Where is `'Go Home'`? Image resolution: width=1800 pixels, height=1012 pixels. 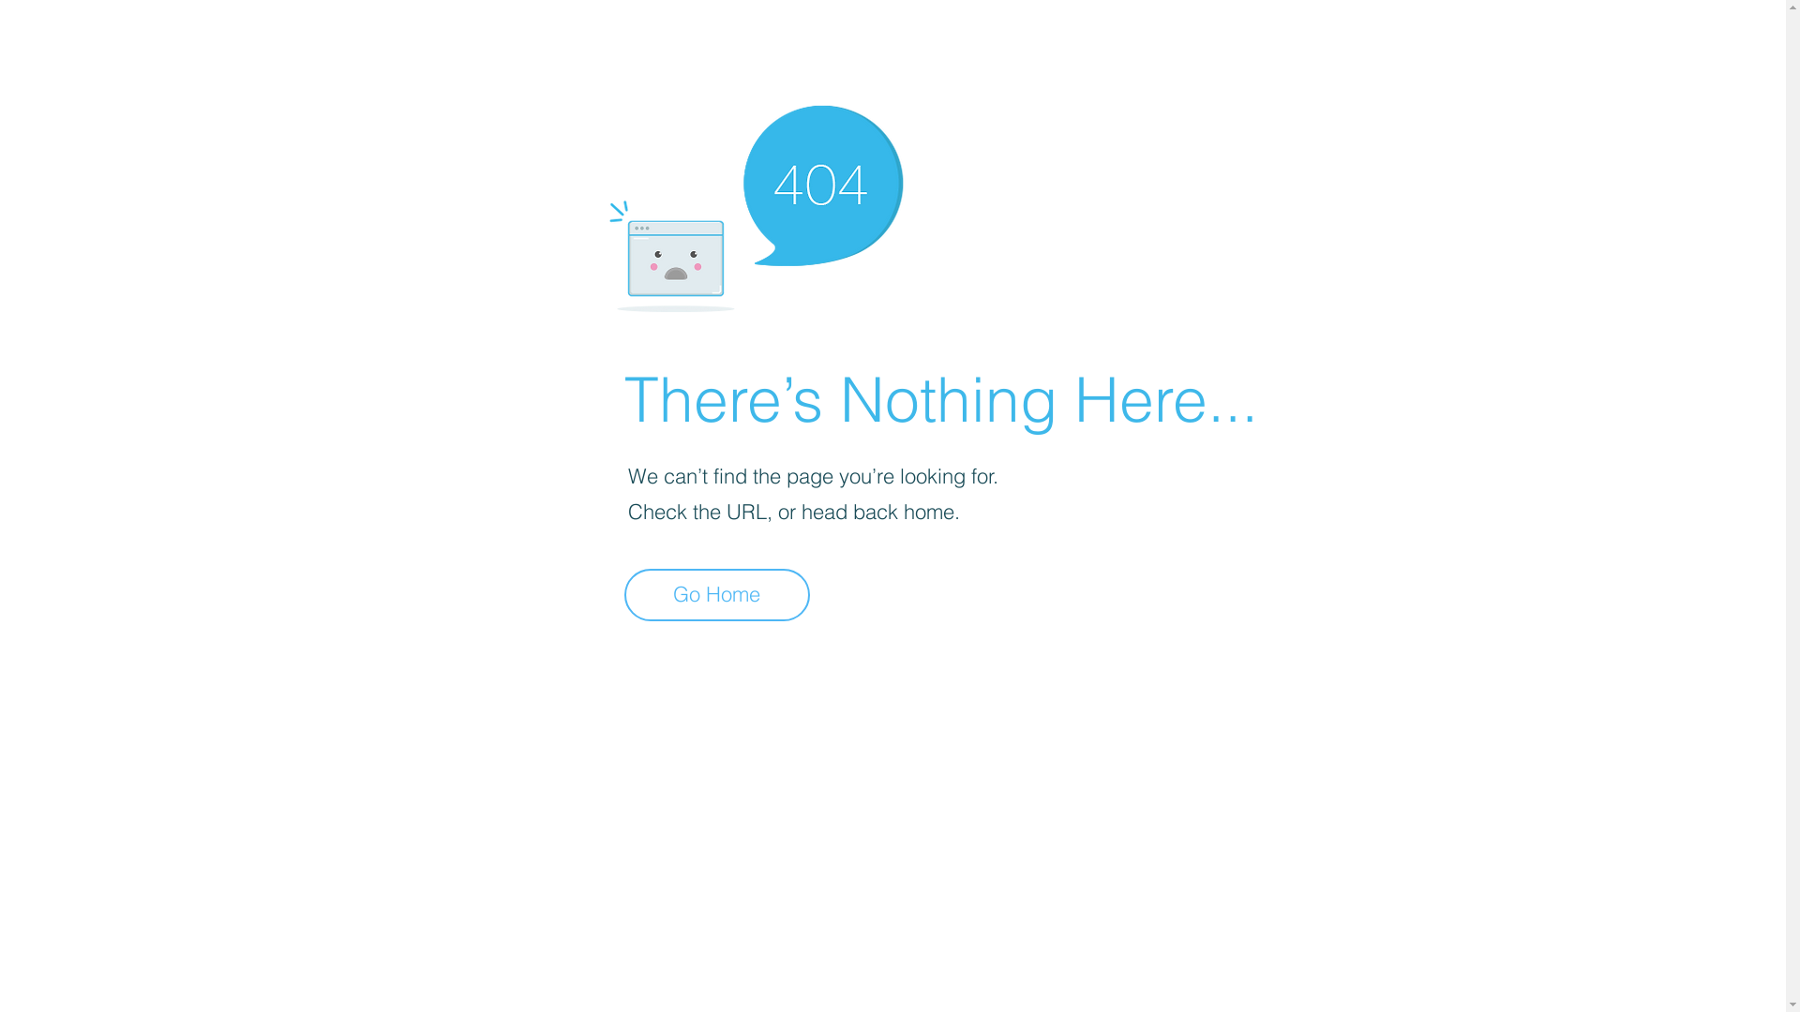 'Go Home' is located at coordinates (715, 595).